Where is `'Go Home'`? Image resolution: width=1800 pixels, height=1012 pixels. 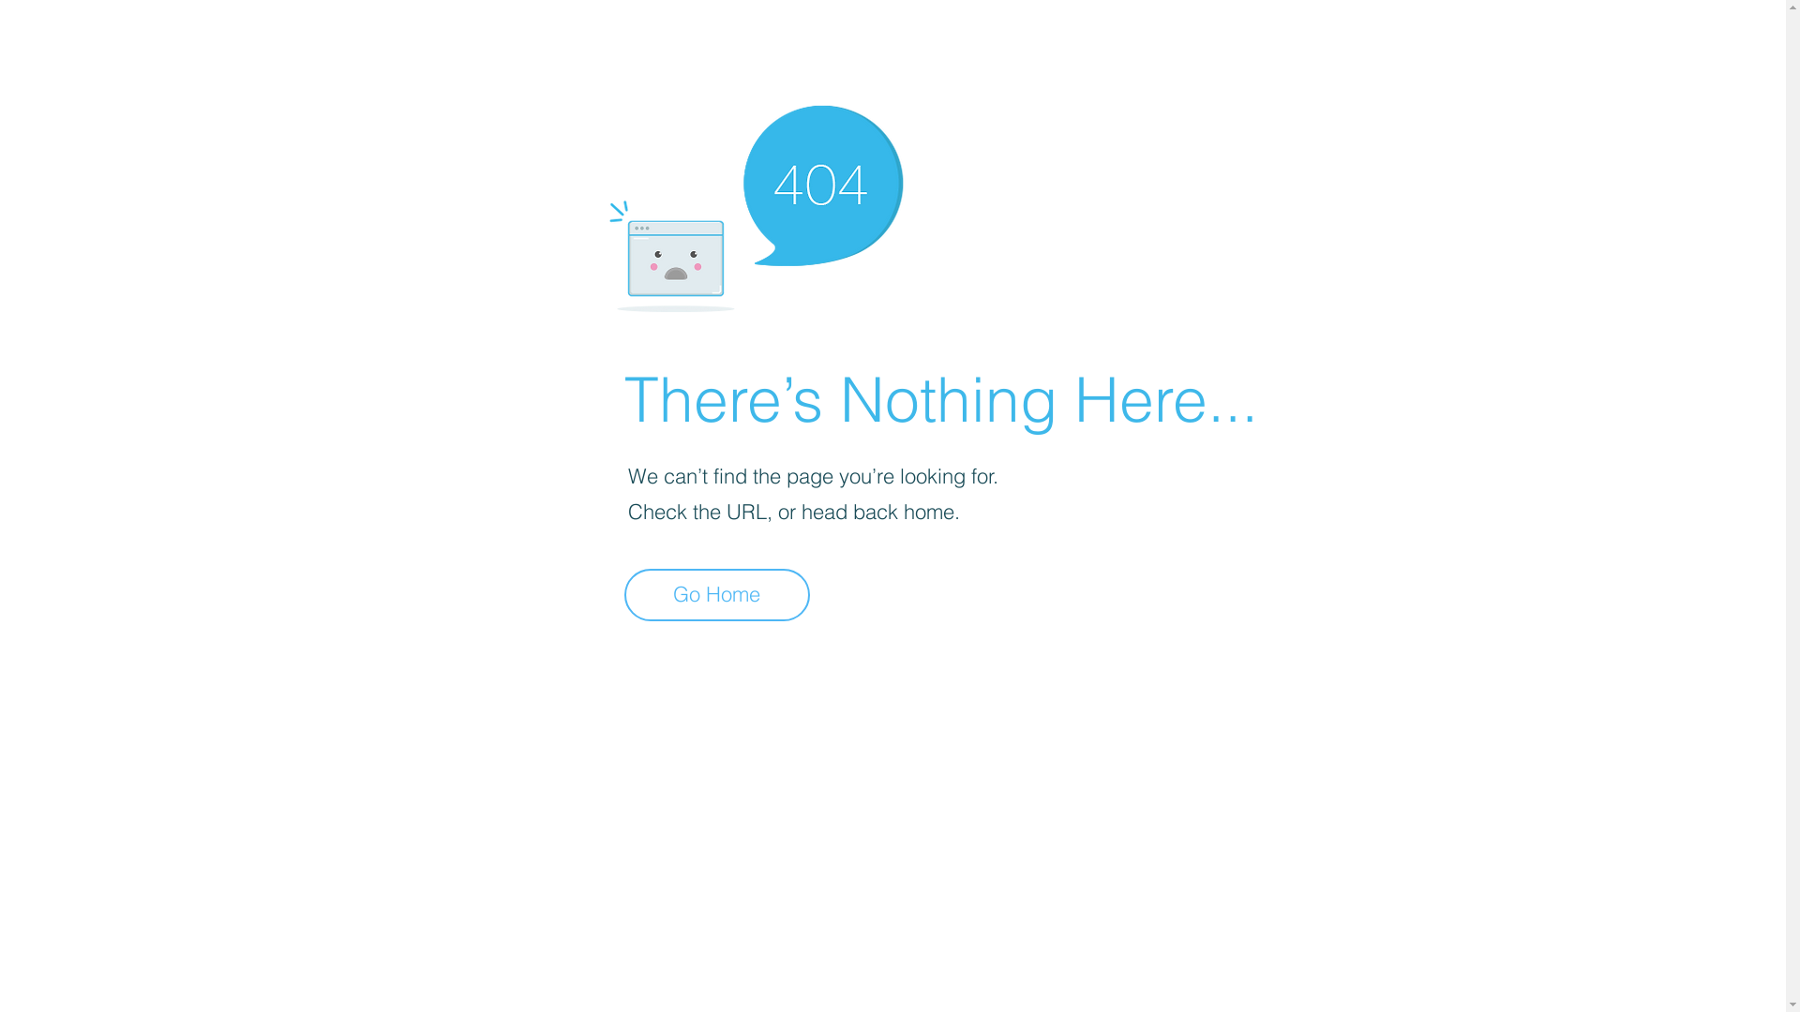 'Go Home' is located at coordinates (715, 595).